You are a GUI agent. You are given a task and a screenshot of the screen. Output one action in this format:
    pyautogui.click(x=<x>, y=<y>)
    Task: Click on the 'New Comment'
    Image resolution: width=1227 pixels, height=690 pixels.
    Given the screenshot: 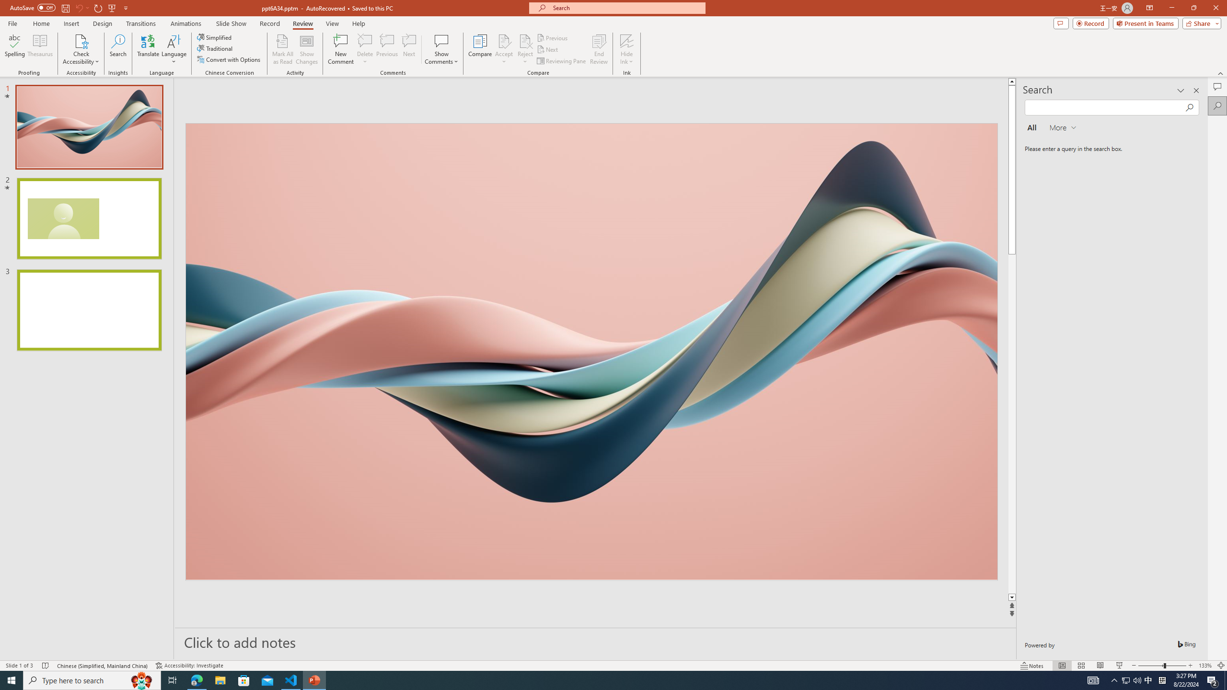 What is the action you would take?
    pyautogui.click(x=340, y=49)
    